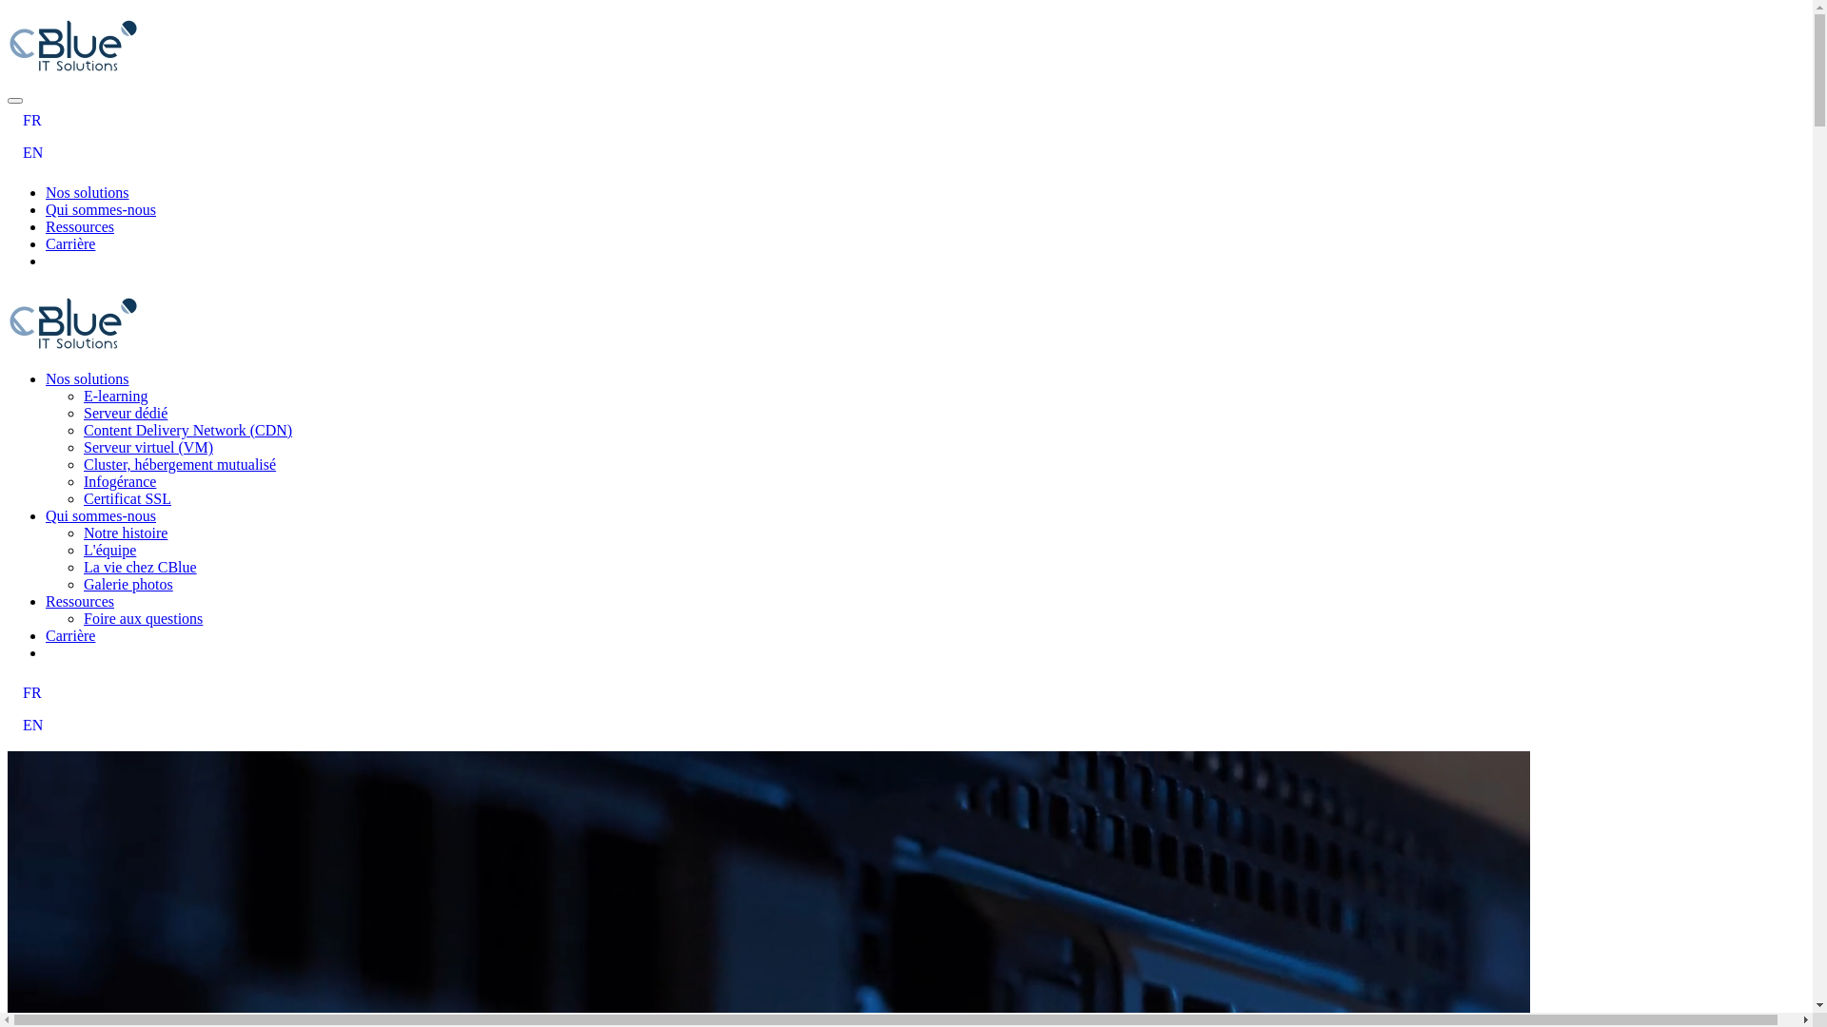  I want to click on 'Nos solutions', so click(46, 378).